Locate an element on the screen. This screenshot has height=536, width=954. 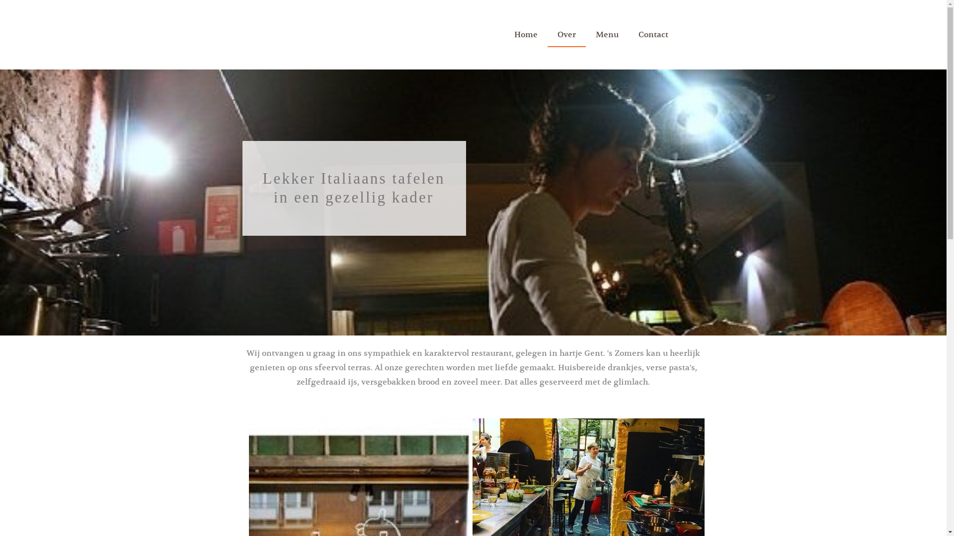
'Home' is located at coordinates (525, 34).